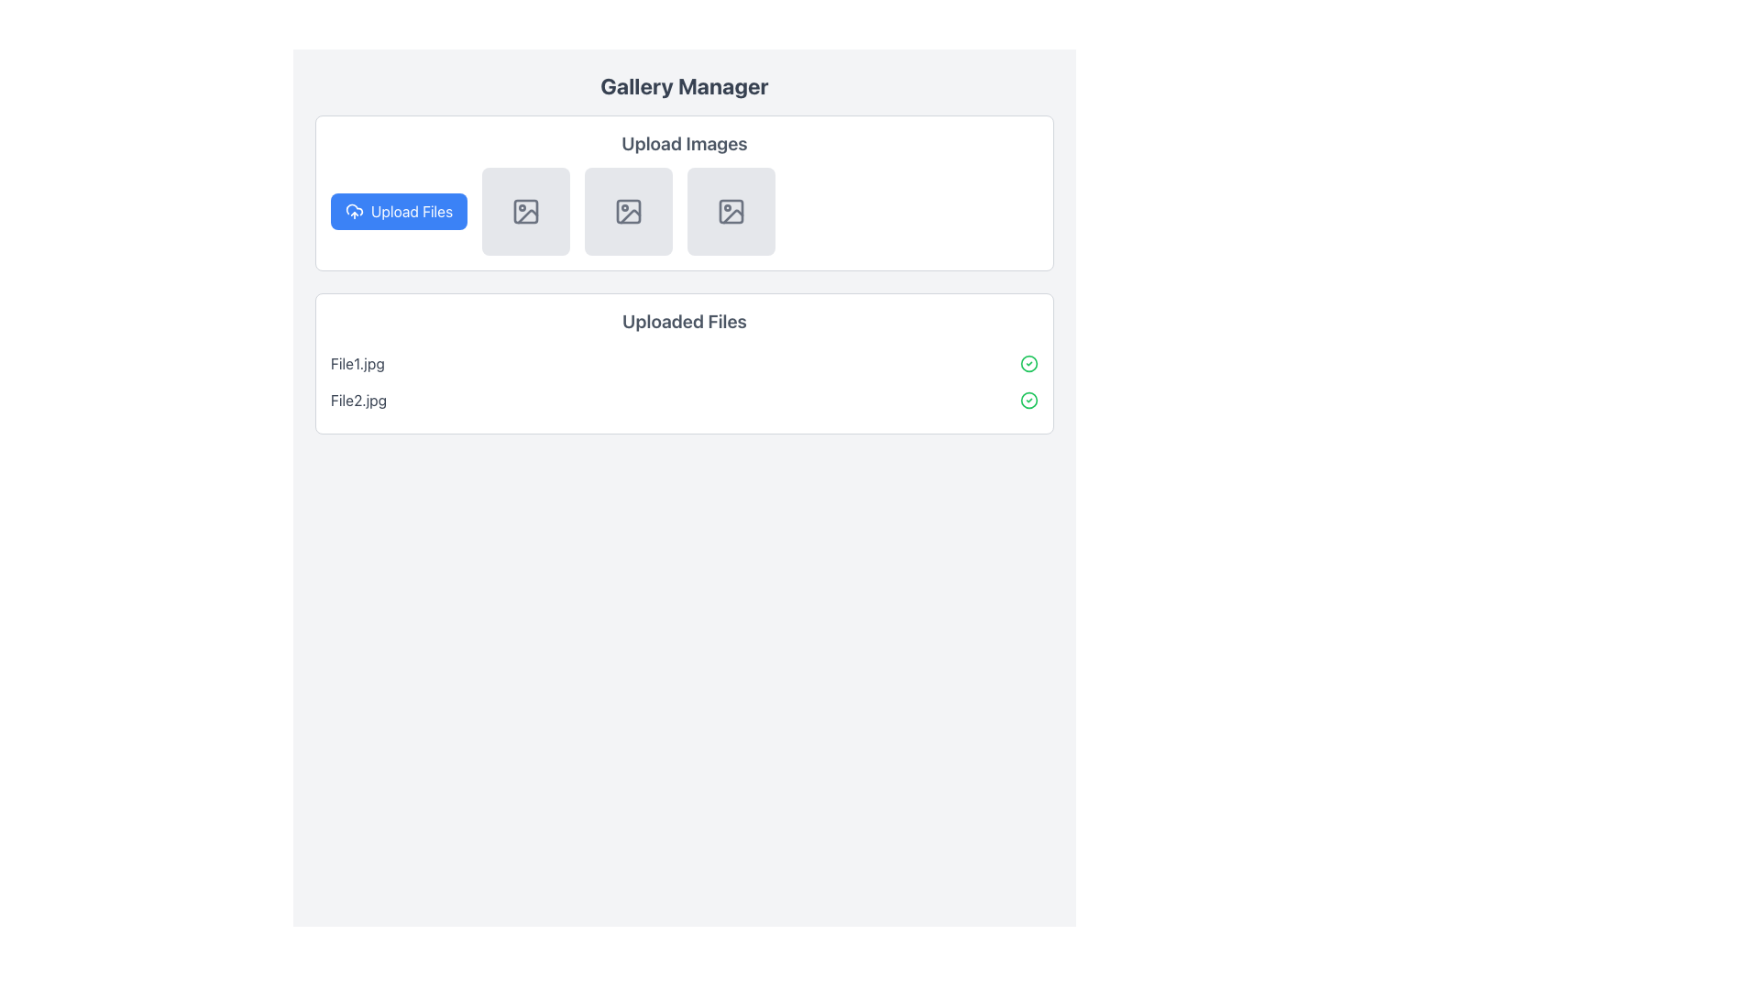 Image resolution: width=1760 pixels, height=990 pixels. I want to click on the cloud icon located near the center of the 'Upload Files' button in the 'Upload Images' section, so click(355, 209).